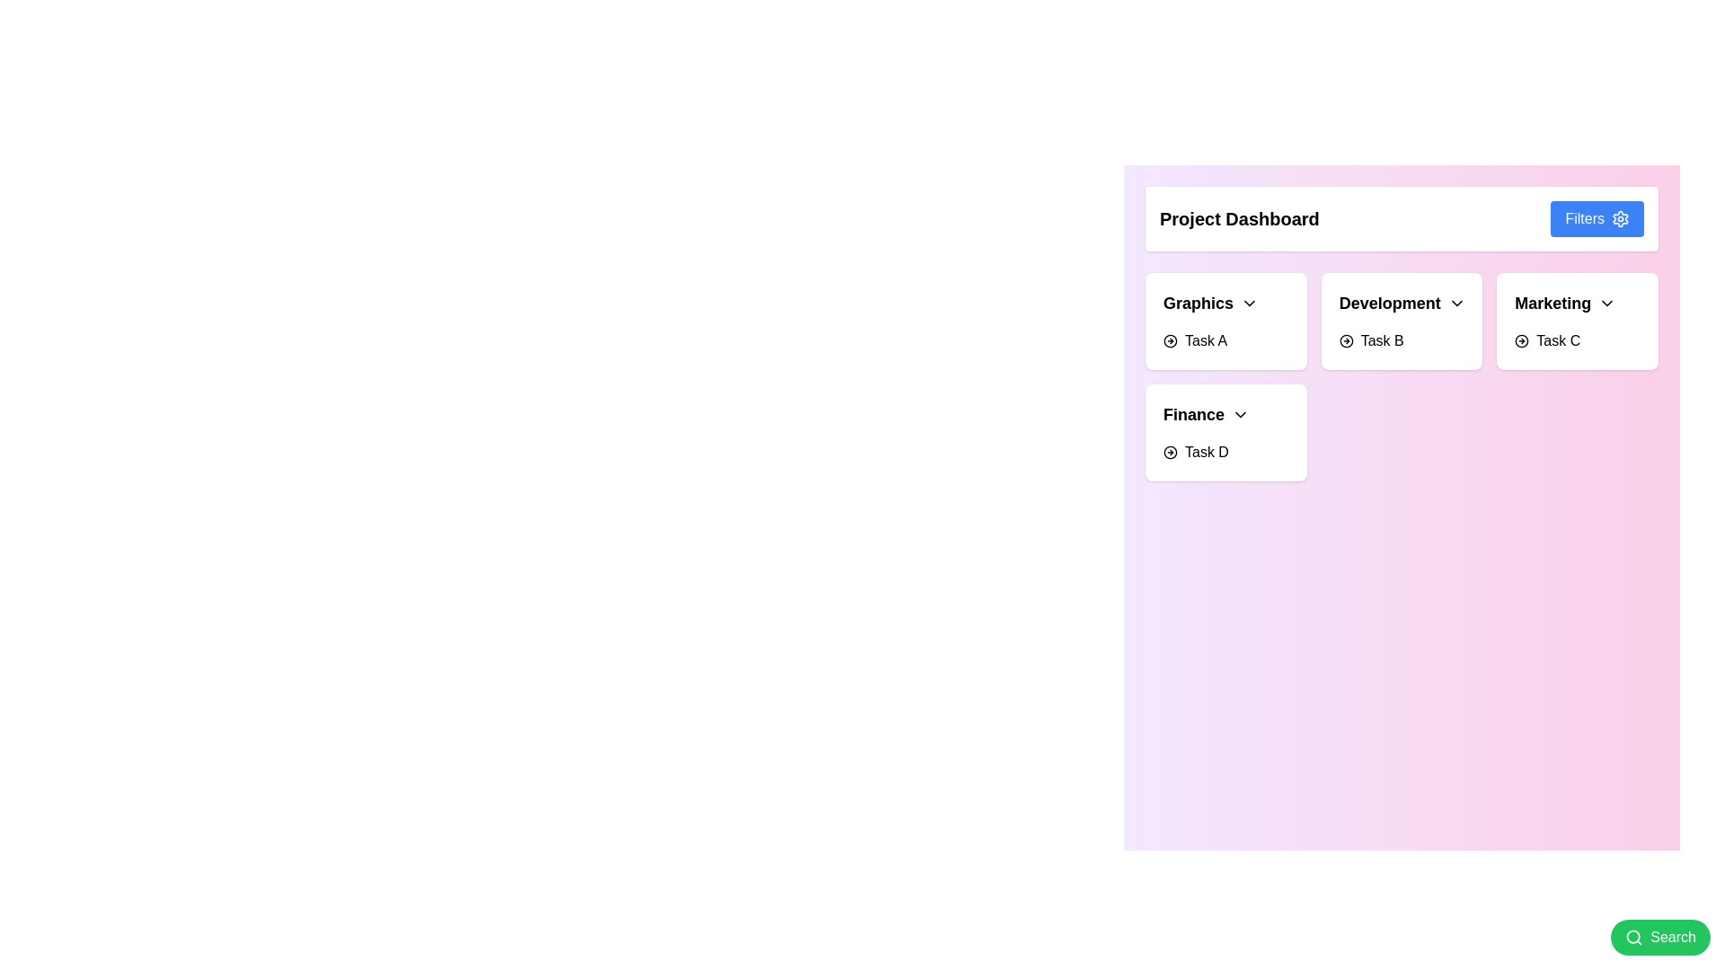 Image resolution: width=1725 pixels, height=970 pixels. I want to click on the green rounded button with a magnifying glass icon and 'Search' text, so click(1659, 937).